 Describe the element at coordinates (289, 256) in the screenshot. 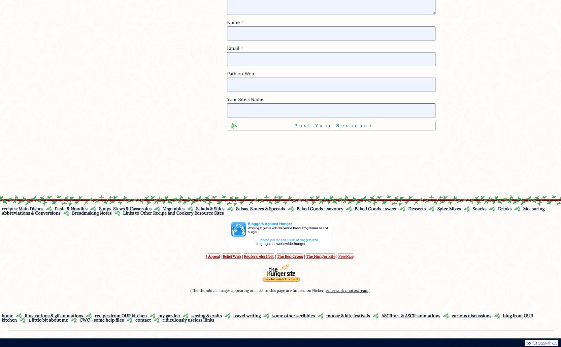

I see `'The Red Cross'` at that location.